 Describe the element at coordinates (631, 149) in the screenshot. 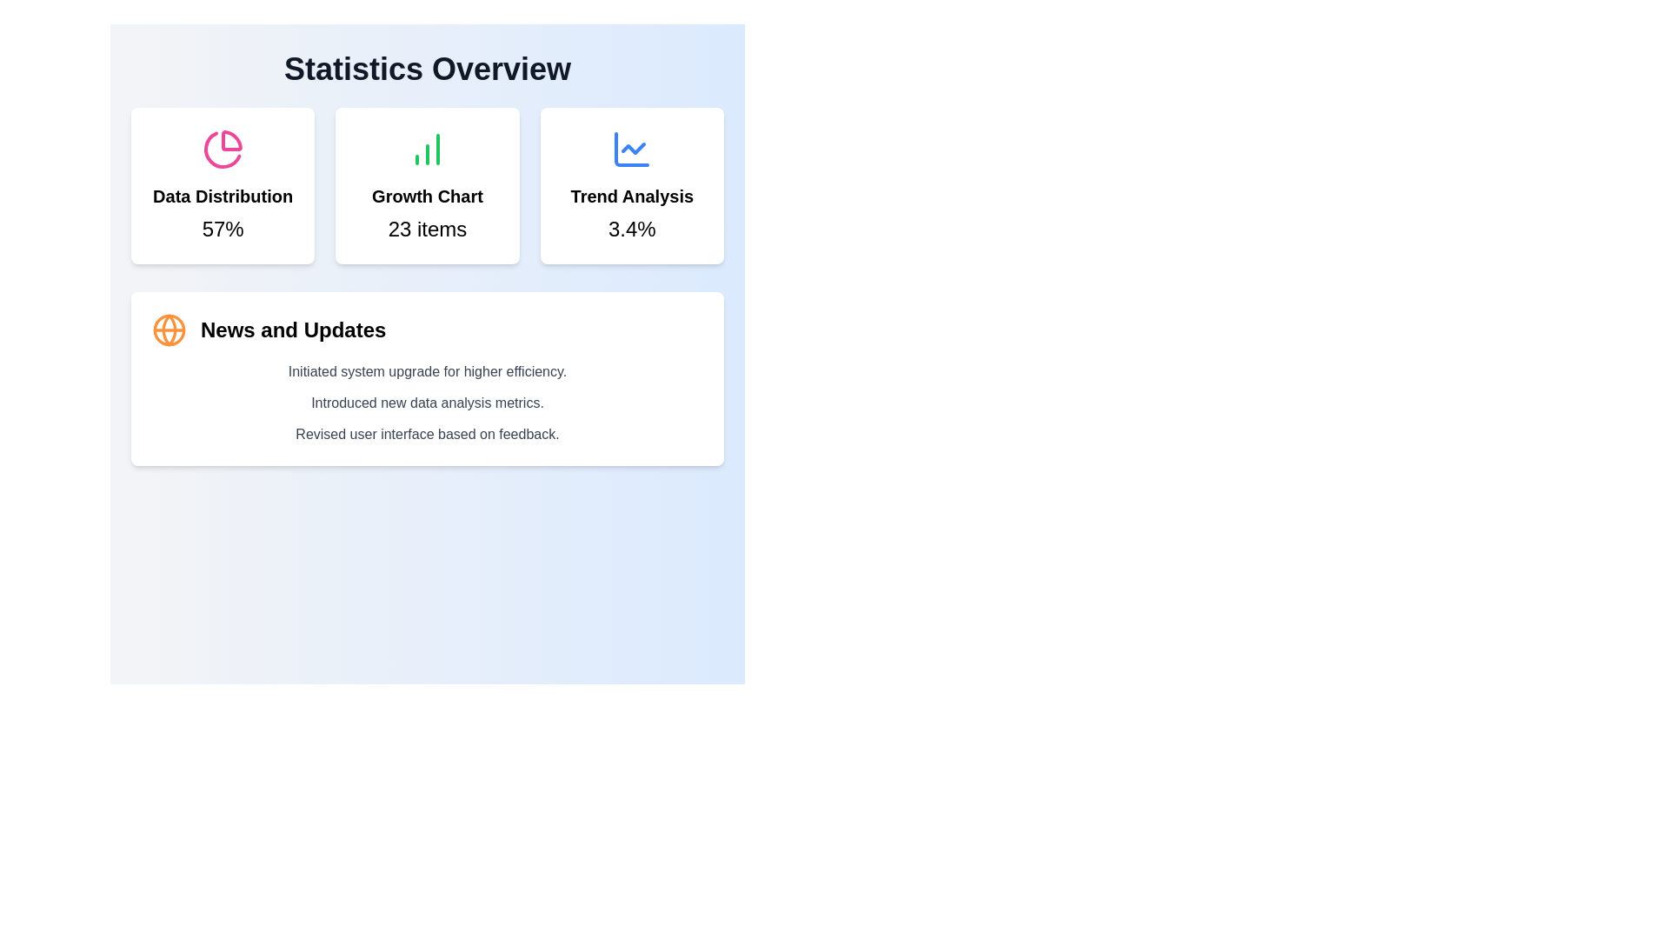

I see `the line chart icon with a blue color theme located in the top-right card titled 'Trend Analysis'` at that location.